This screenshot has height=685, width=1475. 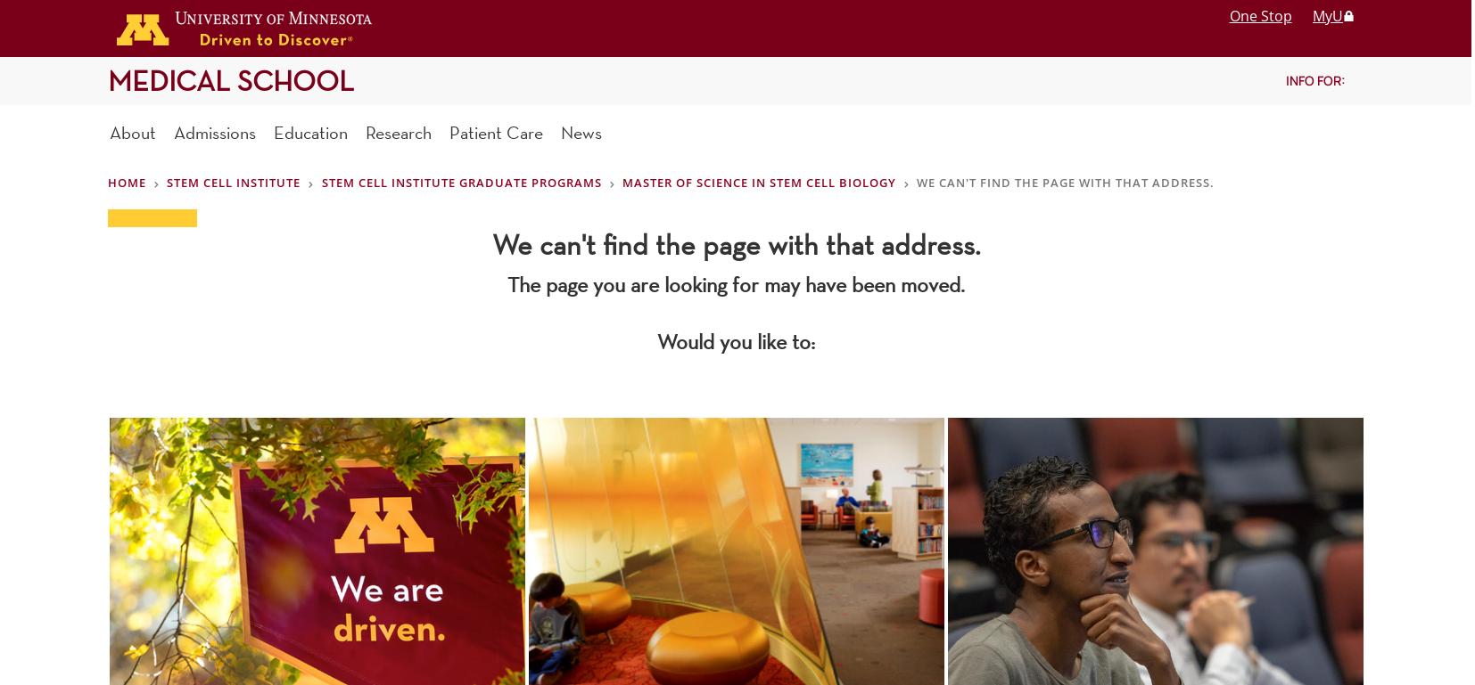 What do you see at coordinates (496, 131) in the screenshot?
I see `'Patient Care'` at bounding box center [496, 131].